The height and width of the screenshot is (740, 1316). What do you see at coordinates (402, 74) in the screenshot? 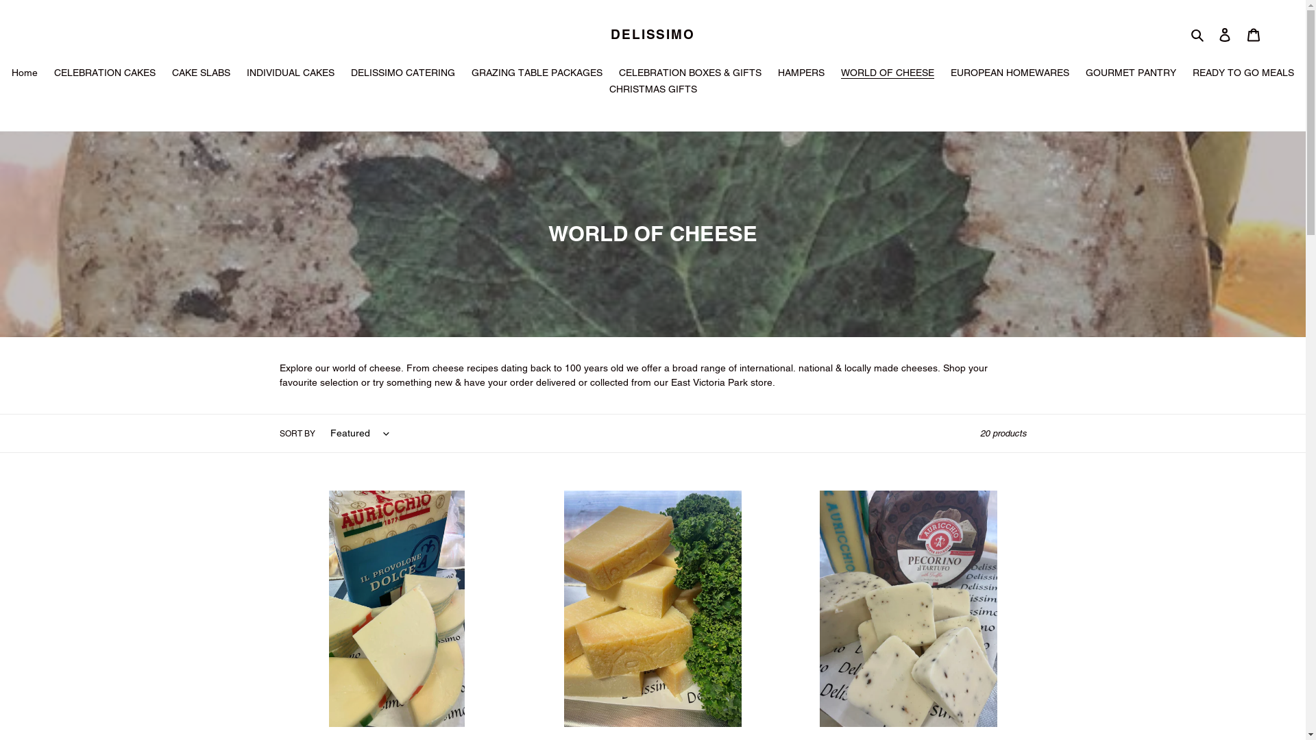
I see `'DELISSIMO CATERING'` at bounding box center [402, 74].